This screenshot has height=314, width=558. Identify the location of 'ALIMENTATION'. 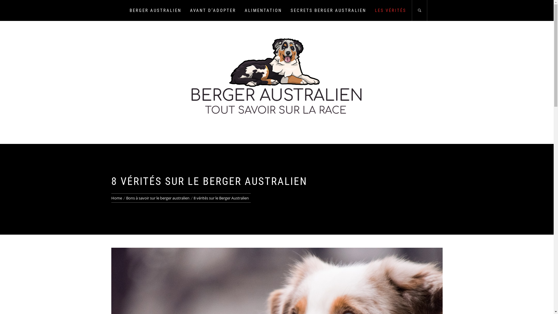
(263, 10).